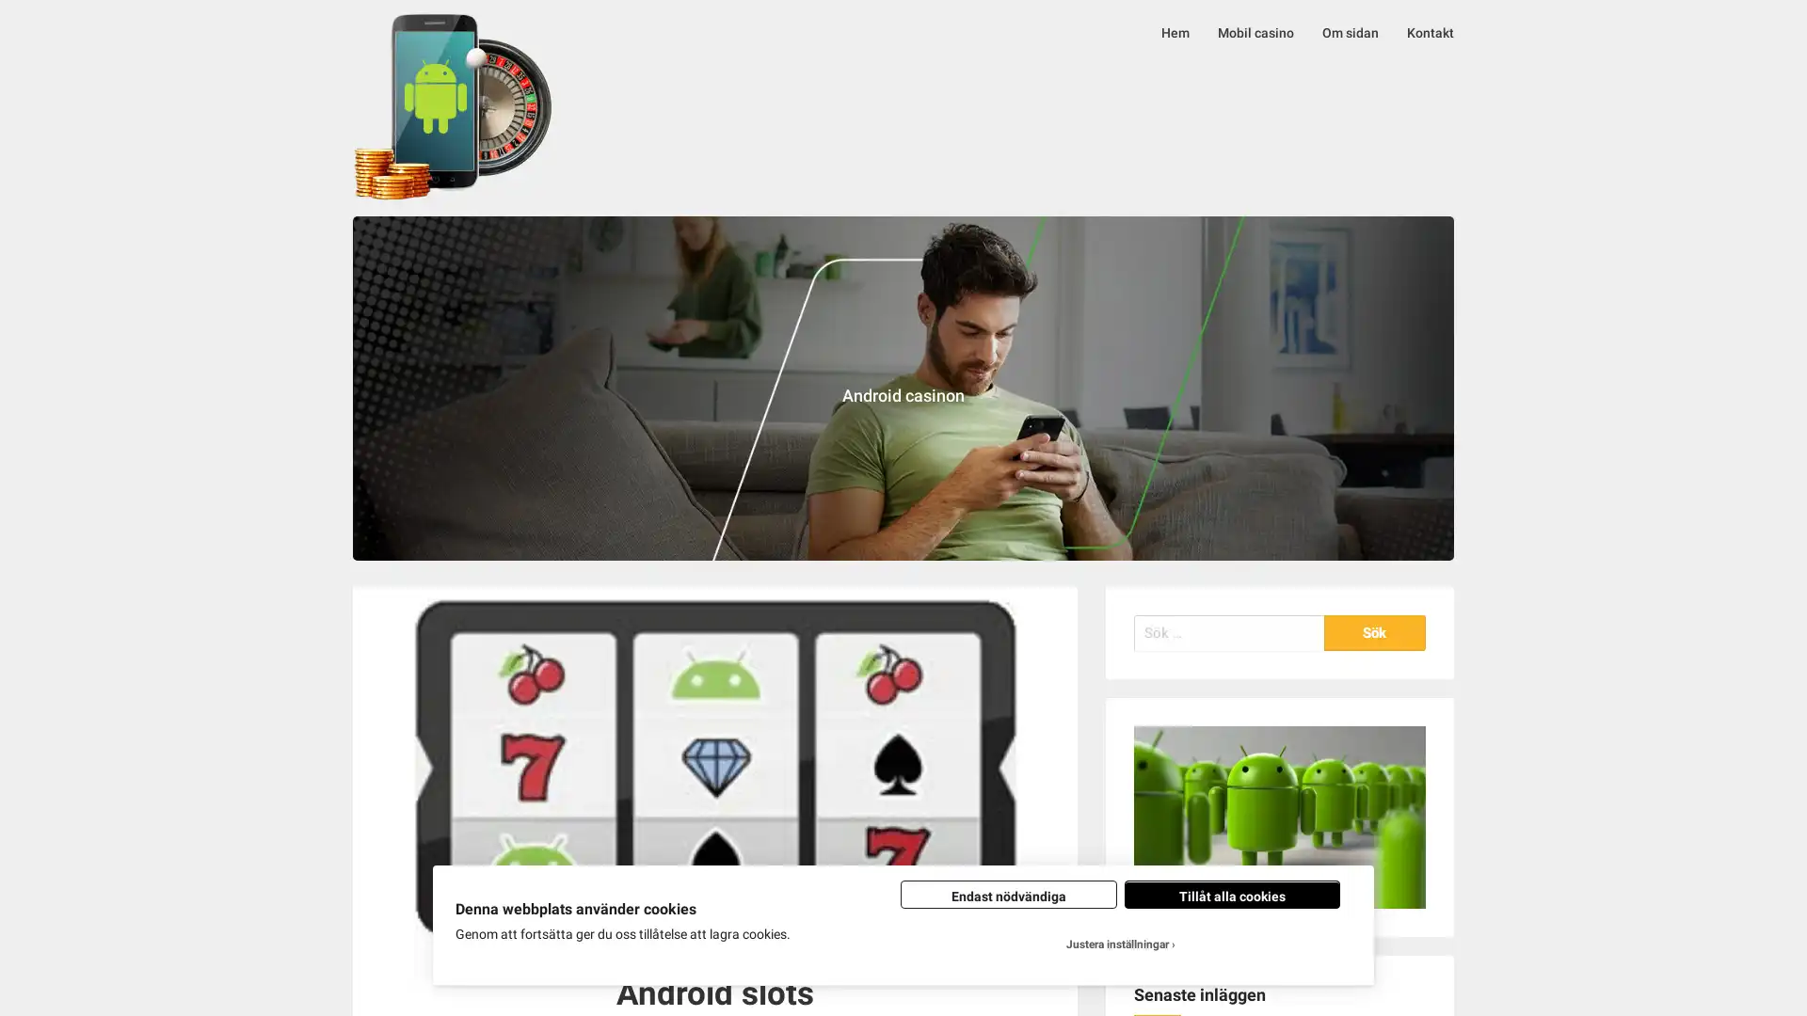 This screenshot has height=1016, width=1807. Describe the element at coordinates (1007, 893) in the screenshot. I see `Endast nodvandiga` at that location.